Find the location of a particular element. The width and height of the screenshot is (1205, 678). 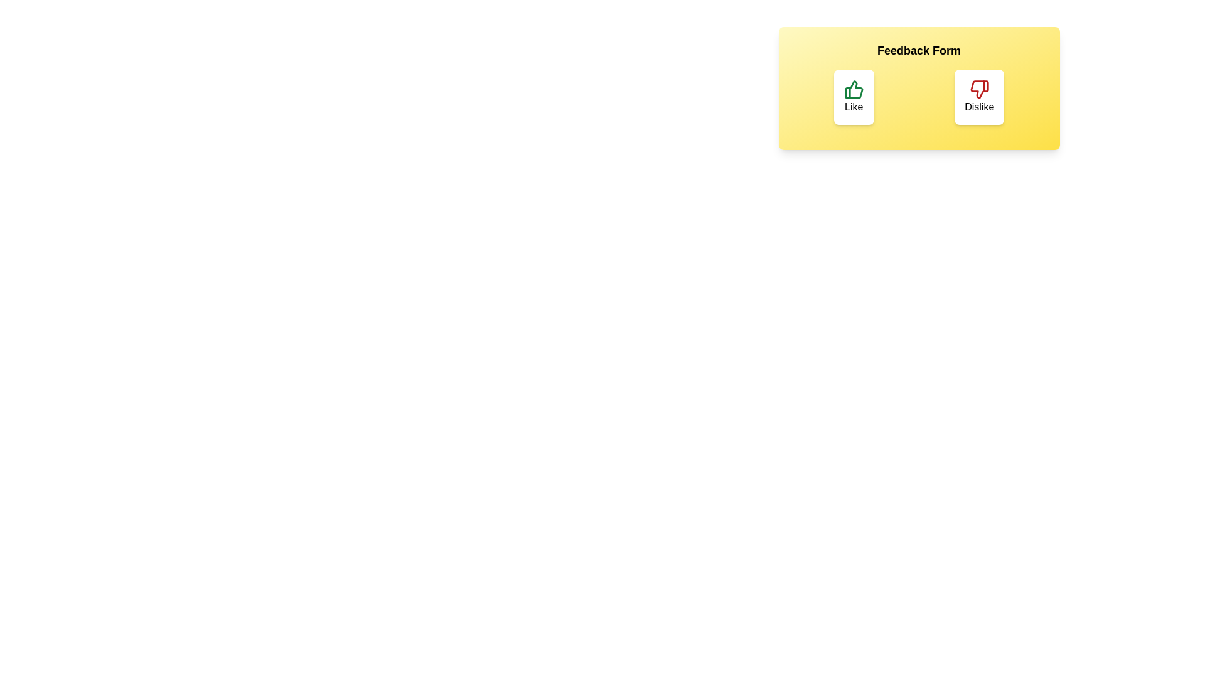

the 'Like' button to provide positive feedback is located at coordinates (854, 96).